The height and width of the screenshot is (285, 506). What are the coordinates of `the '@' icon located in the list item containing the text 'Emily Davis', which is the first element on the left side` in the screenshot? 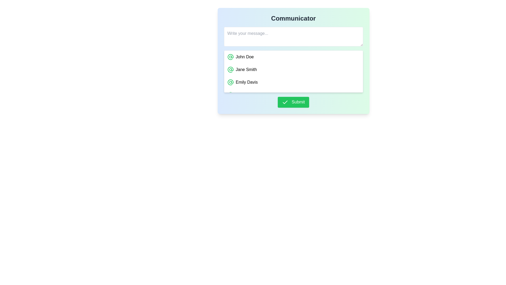 It's located at (230, 82).